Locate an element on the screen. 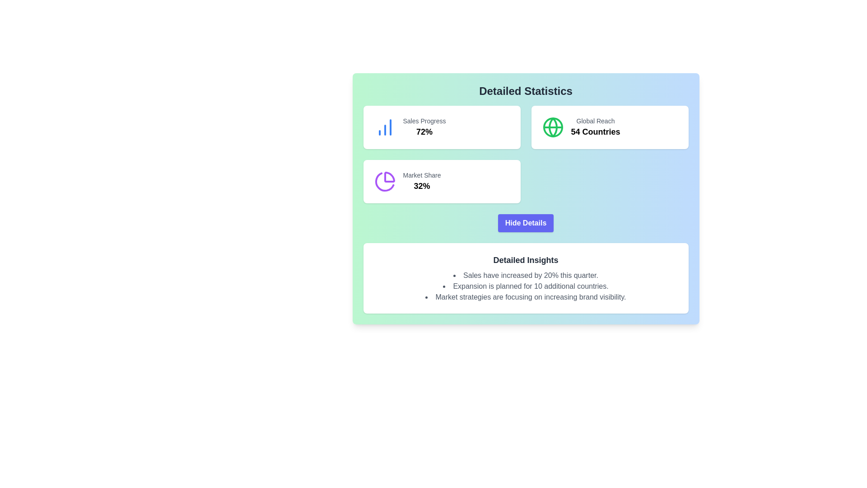 Image resolution: width=867 pixels, height=488 pixels. text element that provides information on marketing strategies for brand visibility, located in the lower section of the interface under 'Detailed Insights' is located at coordinates (526, 297).